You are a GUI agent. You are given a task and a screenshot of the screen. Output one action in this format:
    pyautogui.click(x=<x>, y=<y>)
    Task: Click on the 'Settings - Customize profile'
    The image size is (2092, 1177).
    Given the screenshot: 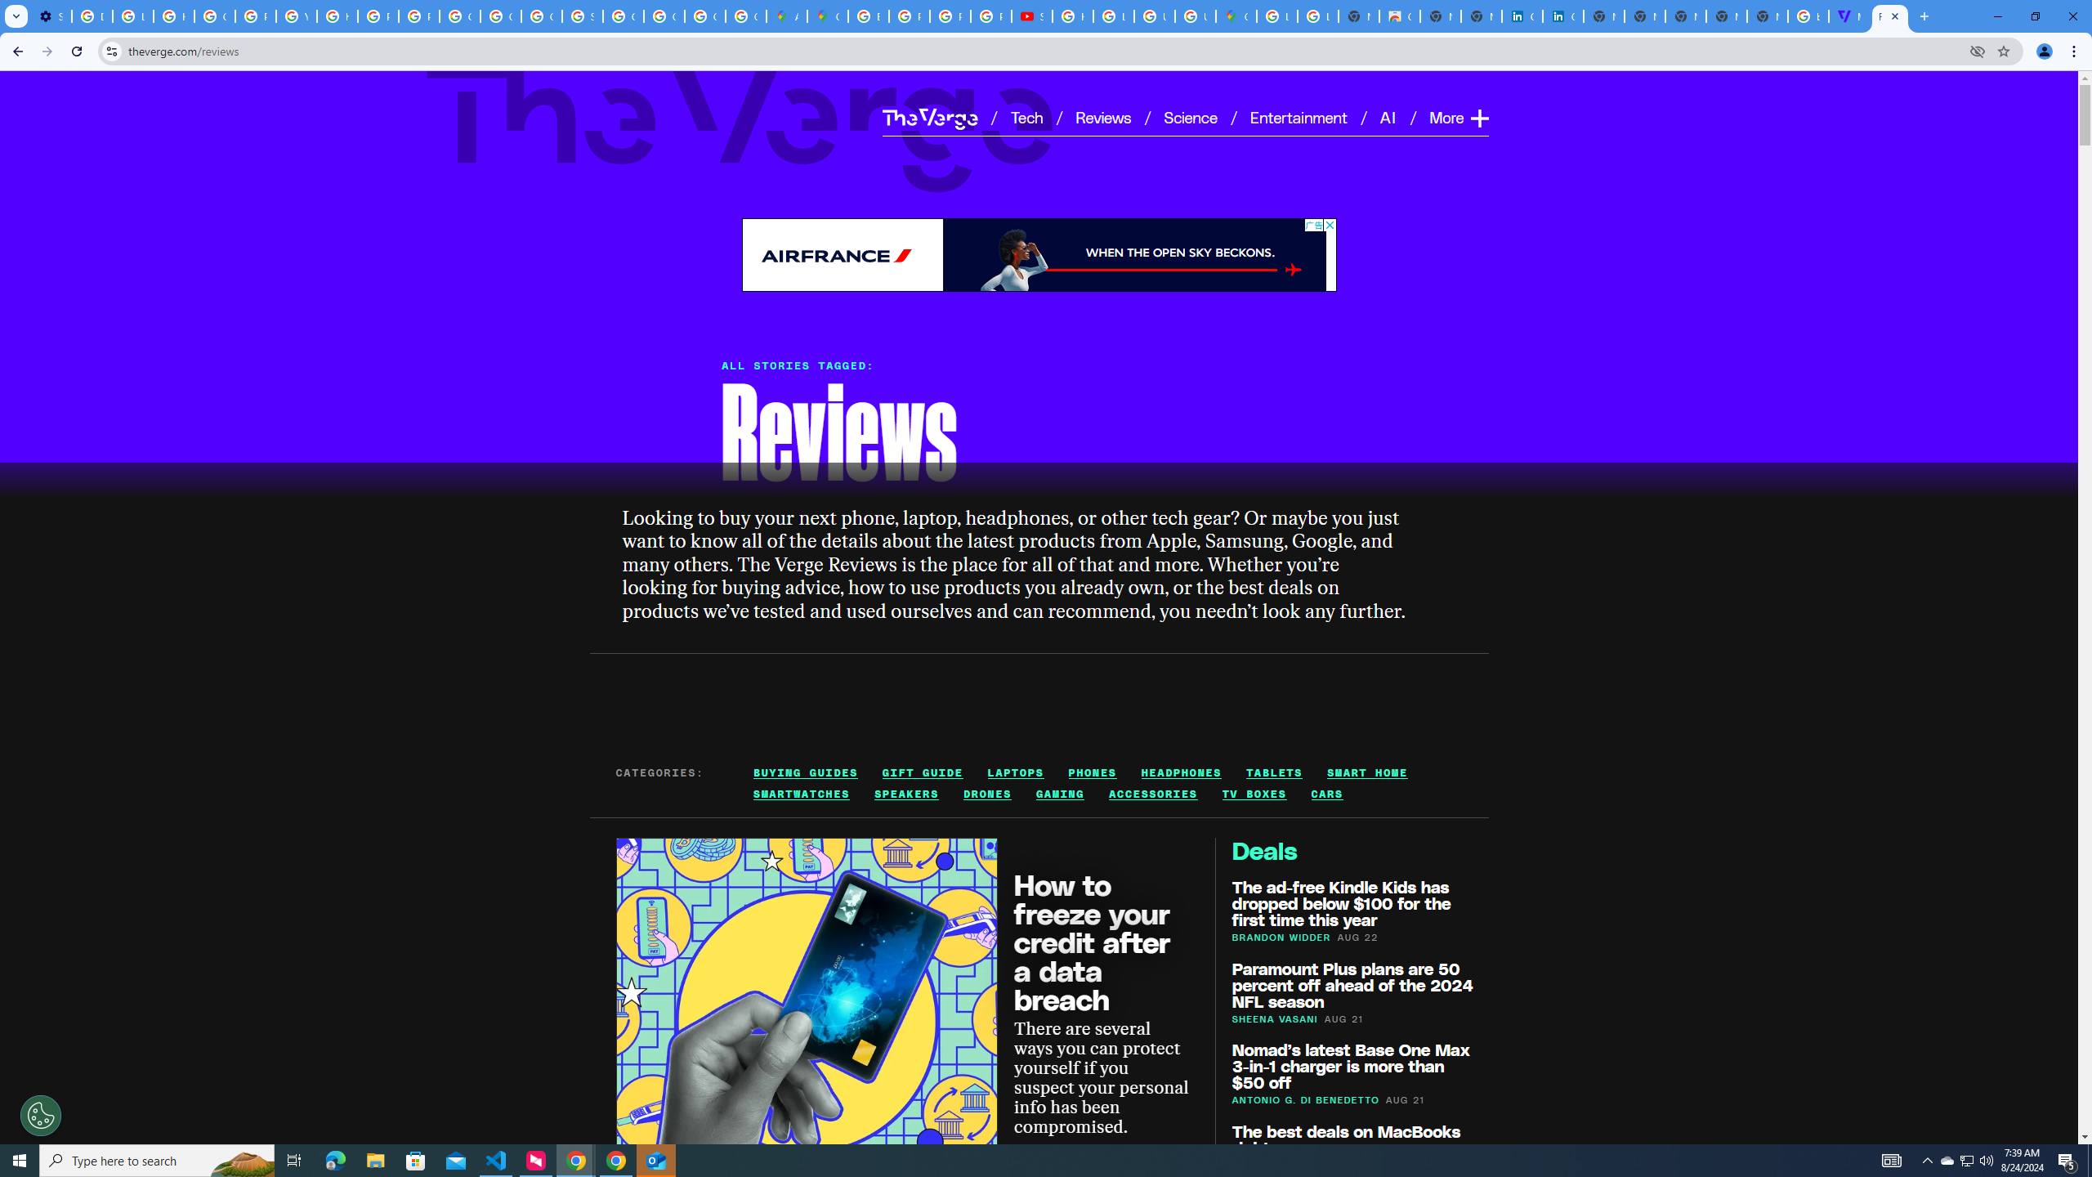 What is the action you would take?
    pyautogui.click(x=50, y=16)
    